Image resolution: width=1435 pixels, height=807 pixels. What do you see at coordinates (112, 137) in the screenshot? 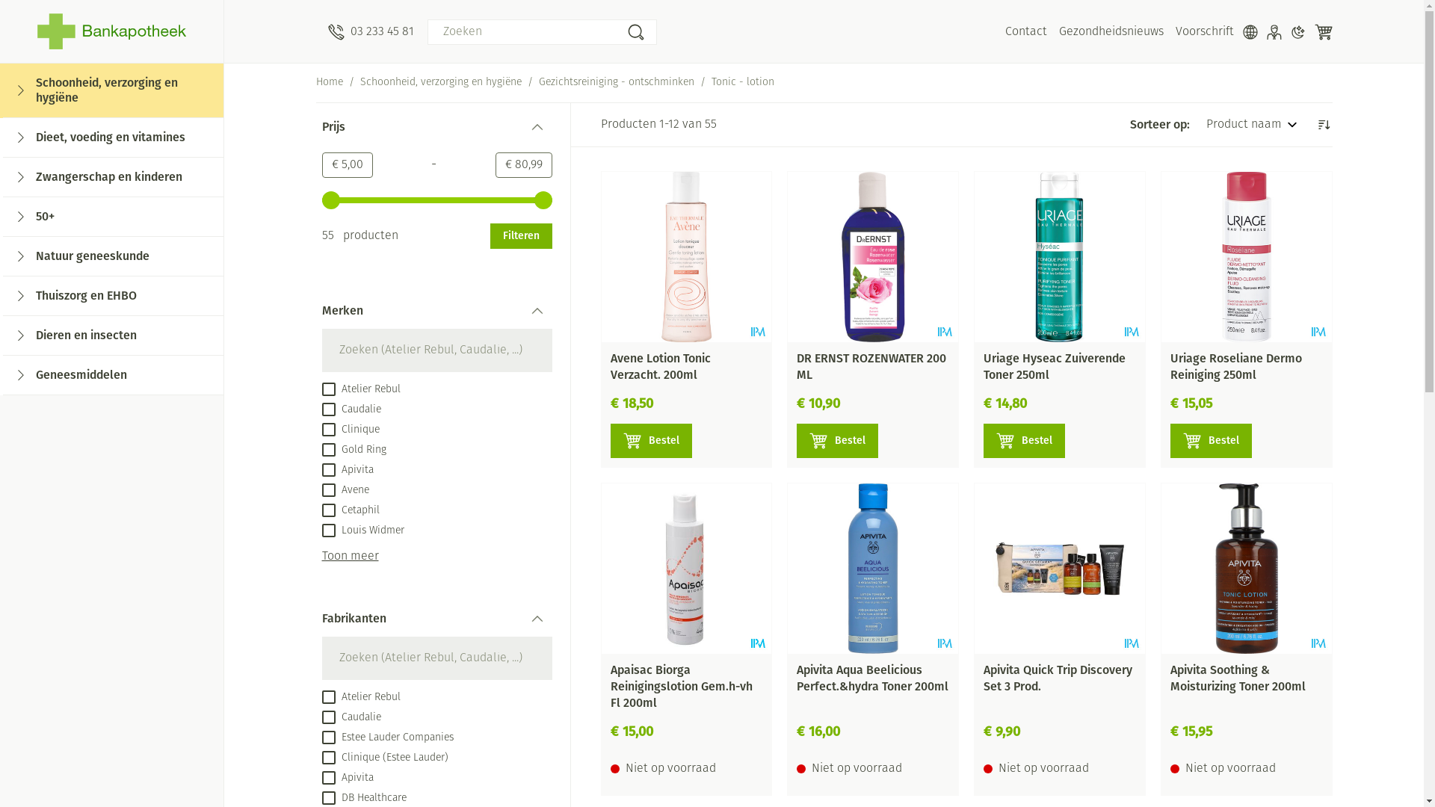
I see `'Dieet, voeding en vitamines'` at bounding box center [112, 137].